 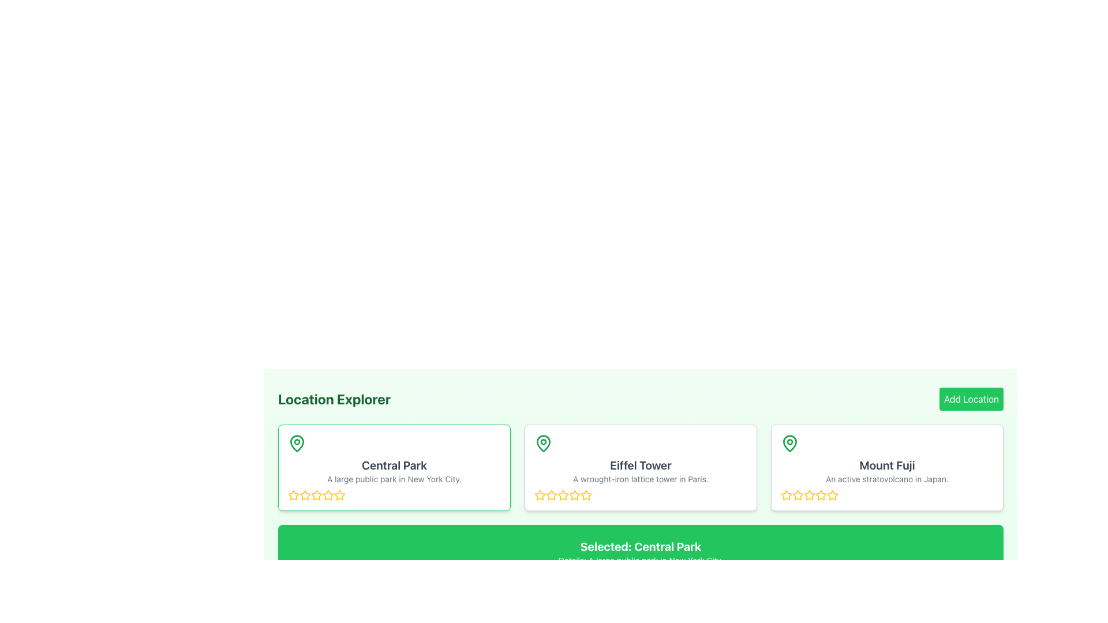 I want to click on the yellow star icon with a hollow center, the third star in the sequence of five, located below the 'Eiffel Tower' card to set a rating, so click(x=551, y=495).